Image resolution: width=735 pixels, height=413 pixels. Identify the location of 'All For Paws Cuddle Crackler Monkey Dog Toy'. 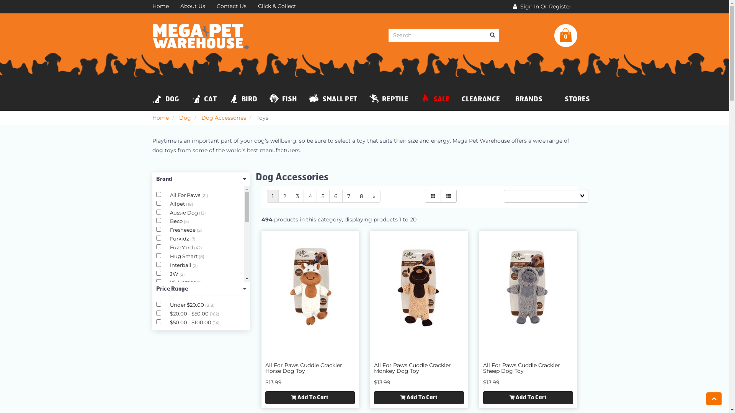
(418, 289).